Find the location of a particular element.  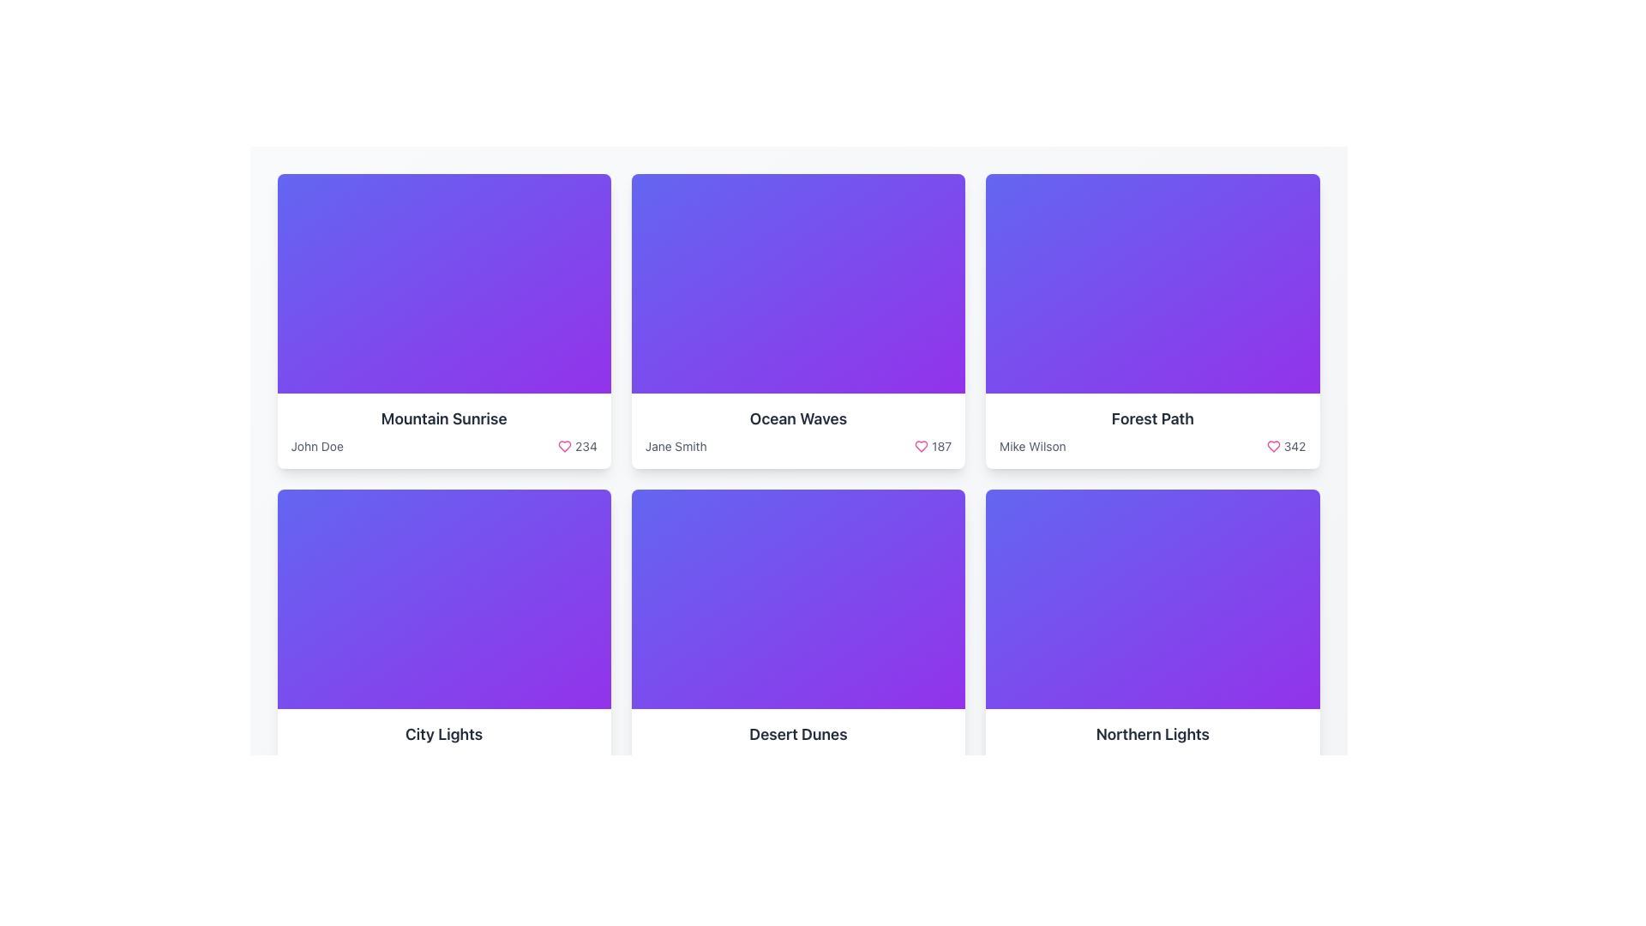

the Text label displaying the contributor's name within the card labeled 'Ocean Waves', positioned to the left of the like count '187' is located at coordinates (675, 445).